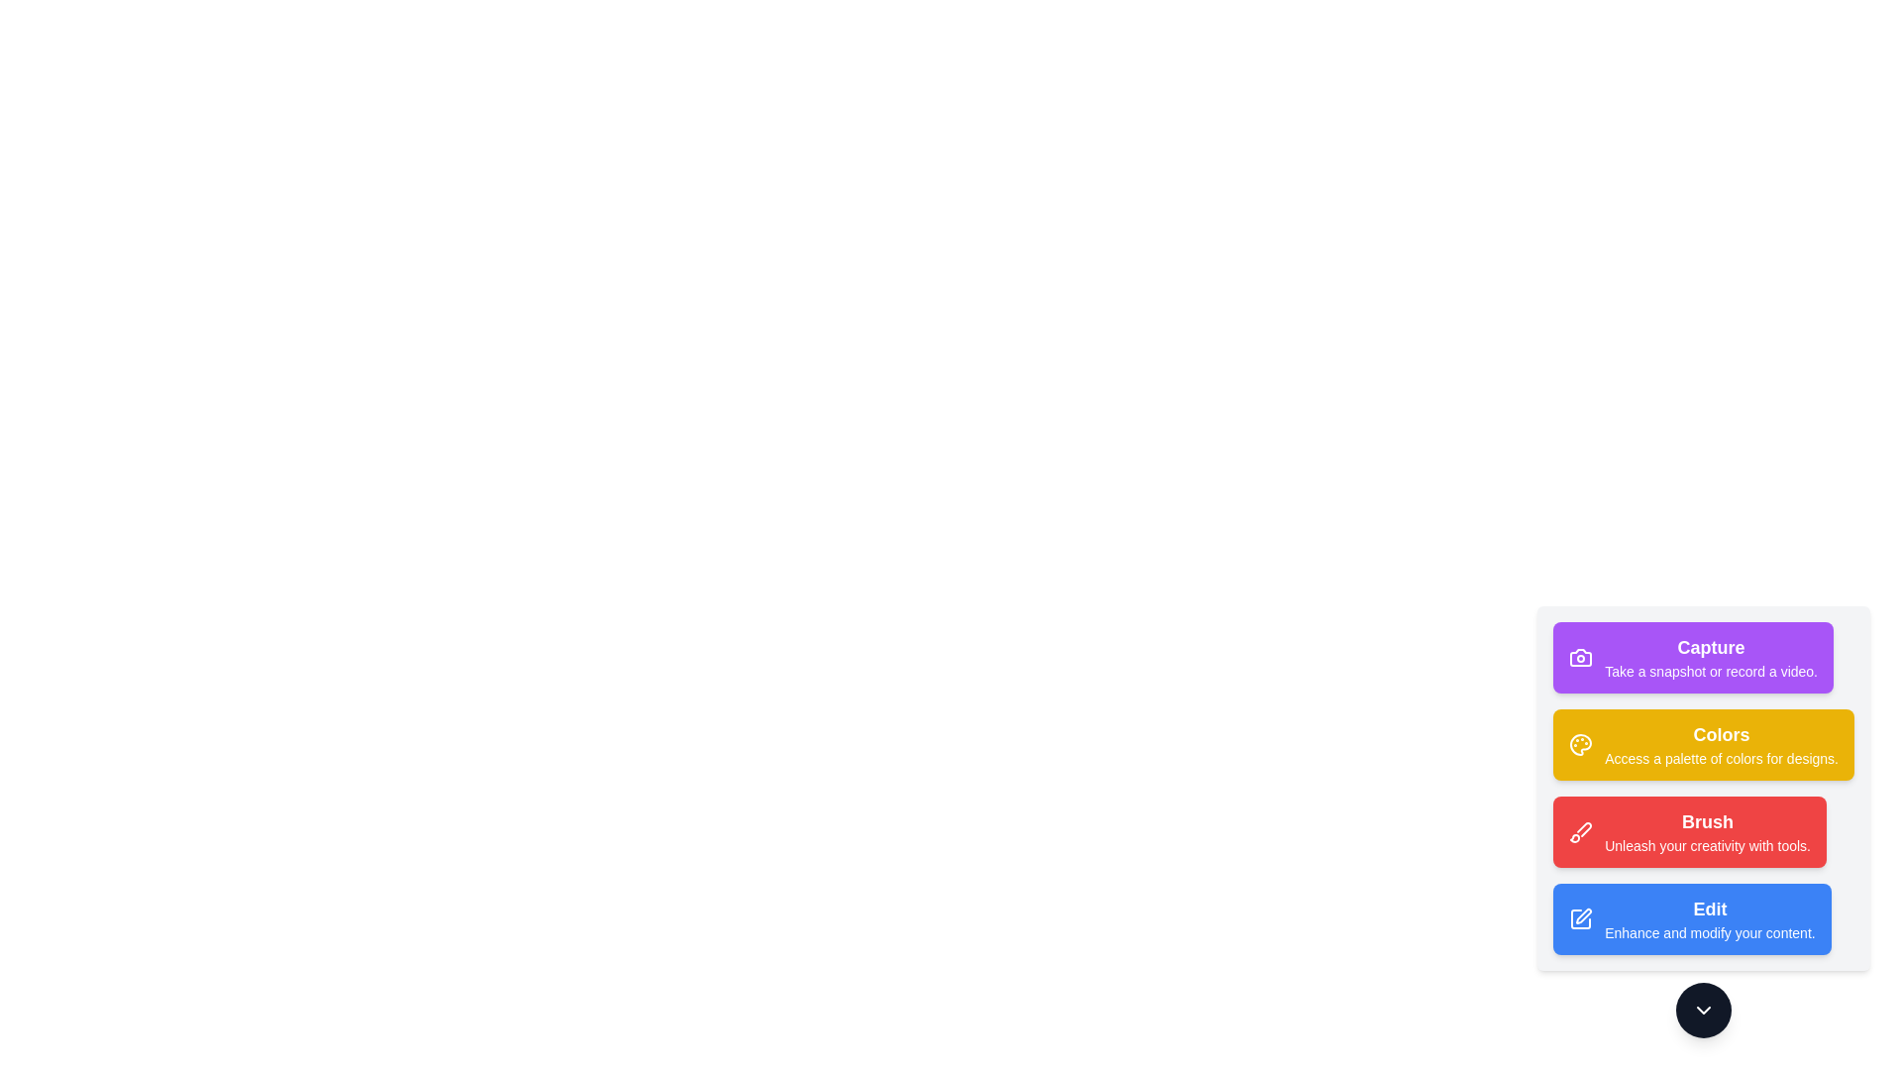  Describe the element at coordinates (1702, 1010) in the screenshot. I see `toggle button at the bottom of the component to collapse or expand the menu` at that location.